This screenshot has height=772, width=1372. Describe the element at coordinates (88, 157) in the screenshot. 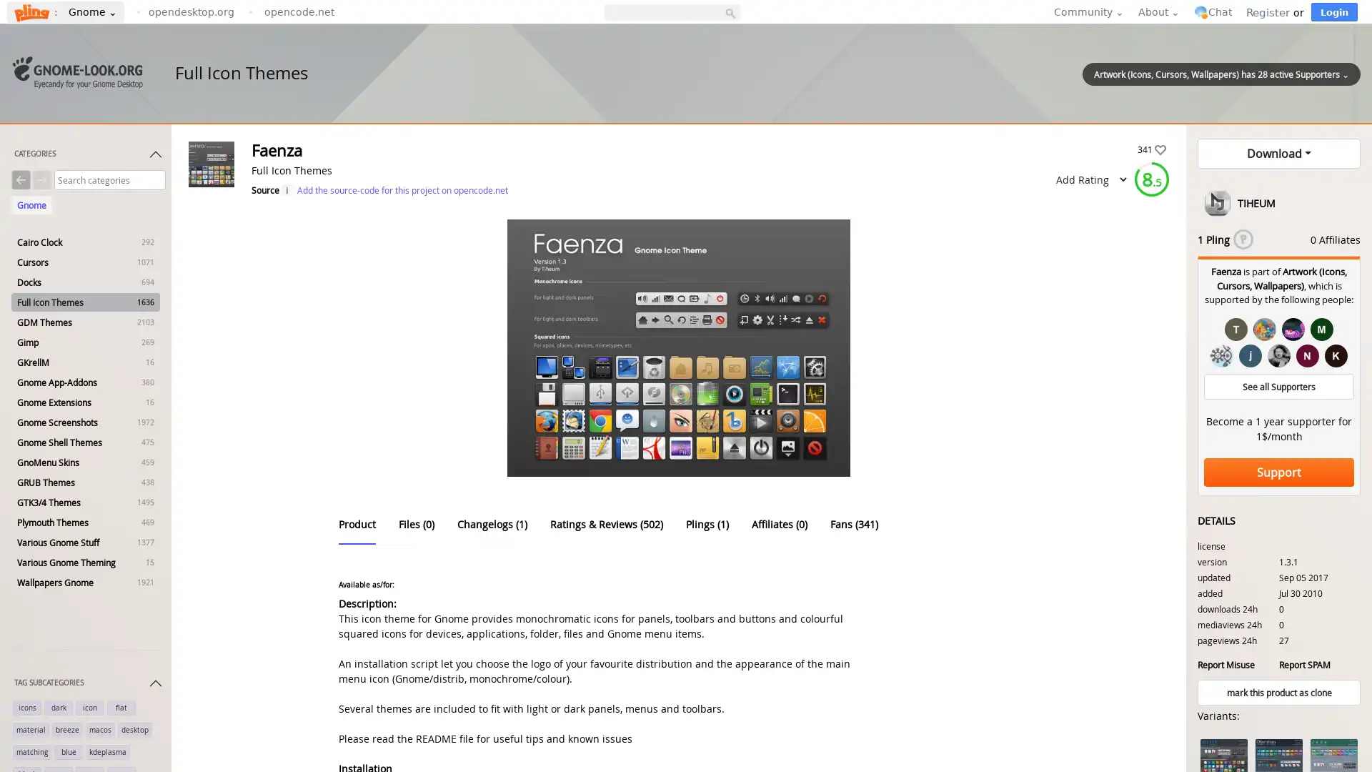

I see `CATEGORIES` at that location.